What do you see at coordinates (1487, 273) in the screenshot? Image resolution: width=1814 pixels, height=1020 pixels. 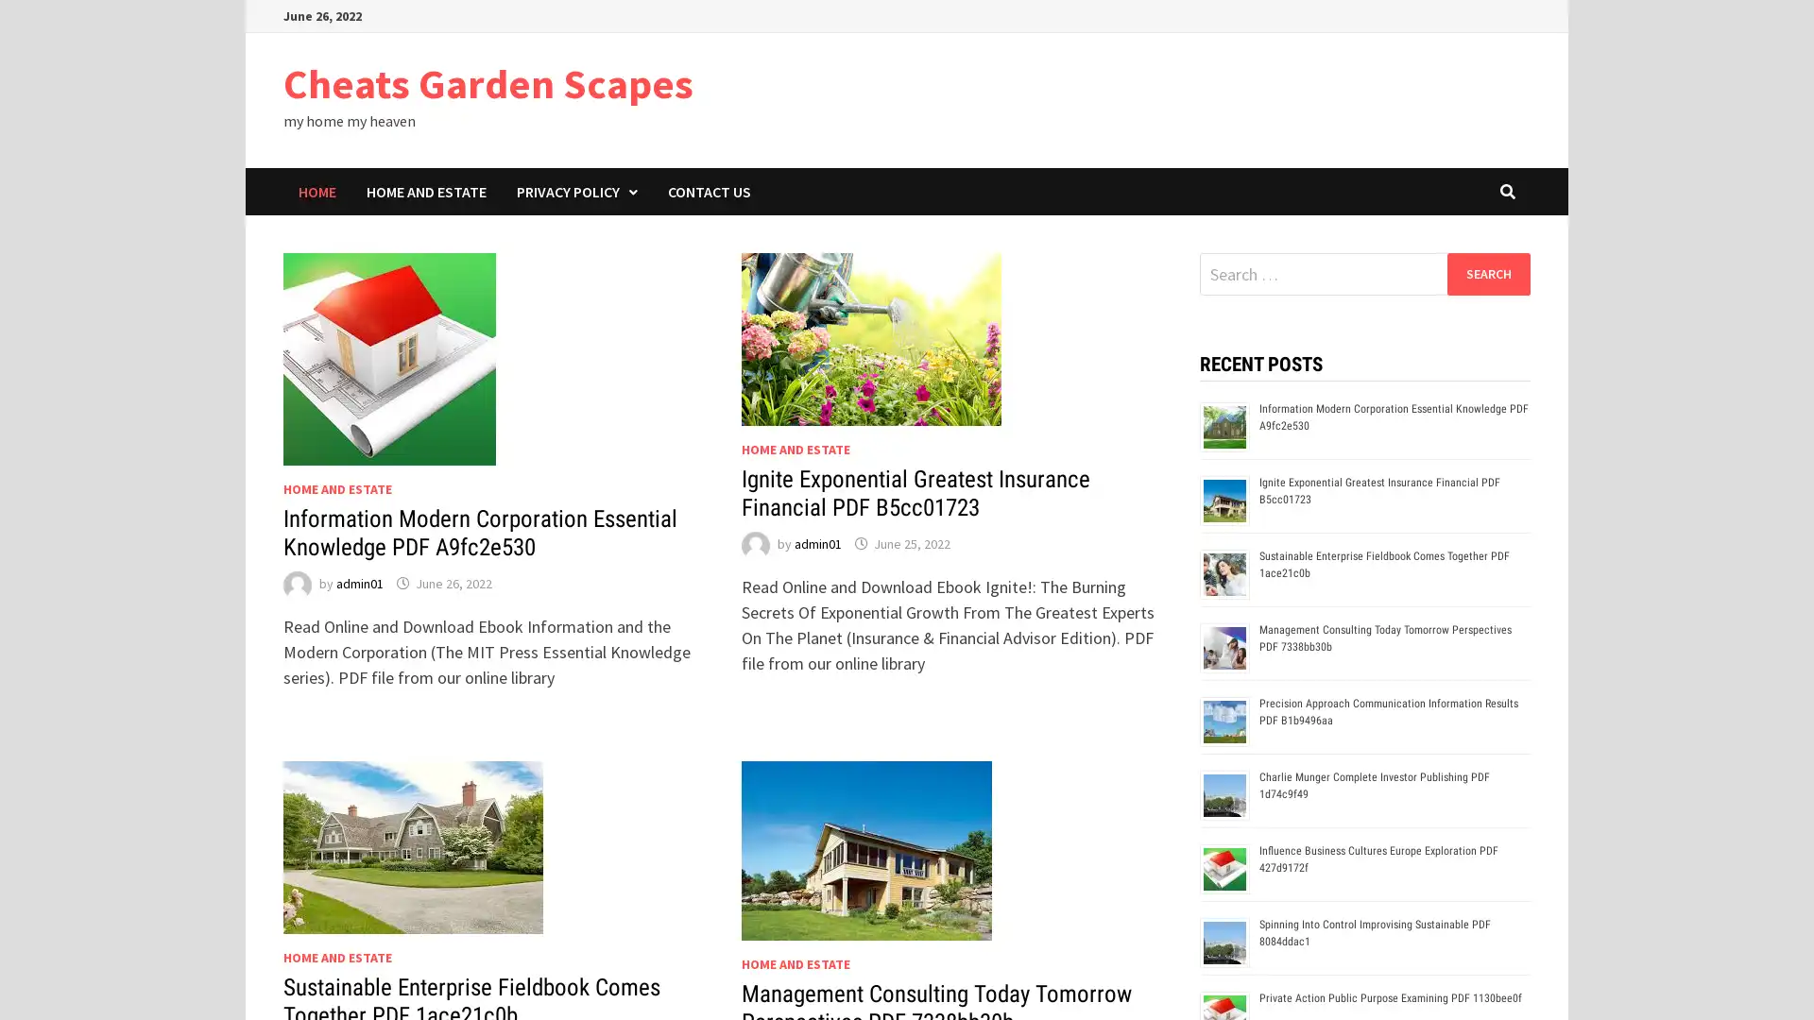 I see `Search` at bounding box center [1487, 273].